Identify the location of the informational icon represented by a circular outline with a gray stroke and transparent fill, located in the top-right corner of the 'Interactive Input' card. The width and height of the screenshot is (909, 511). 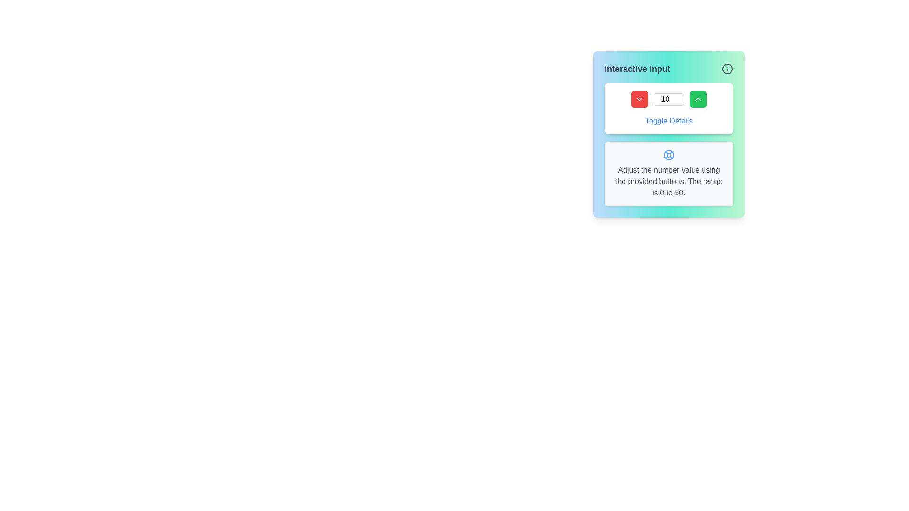
(727, 69).